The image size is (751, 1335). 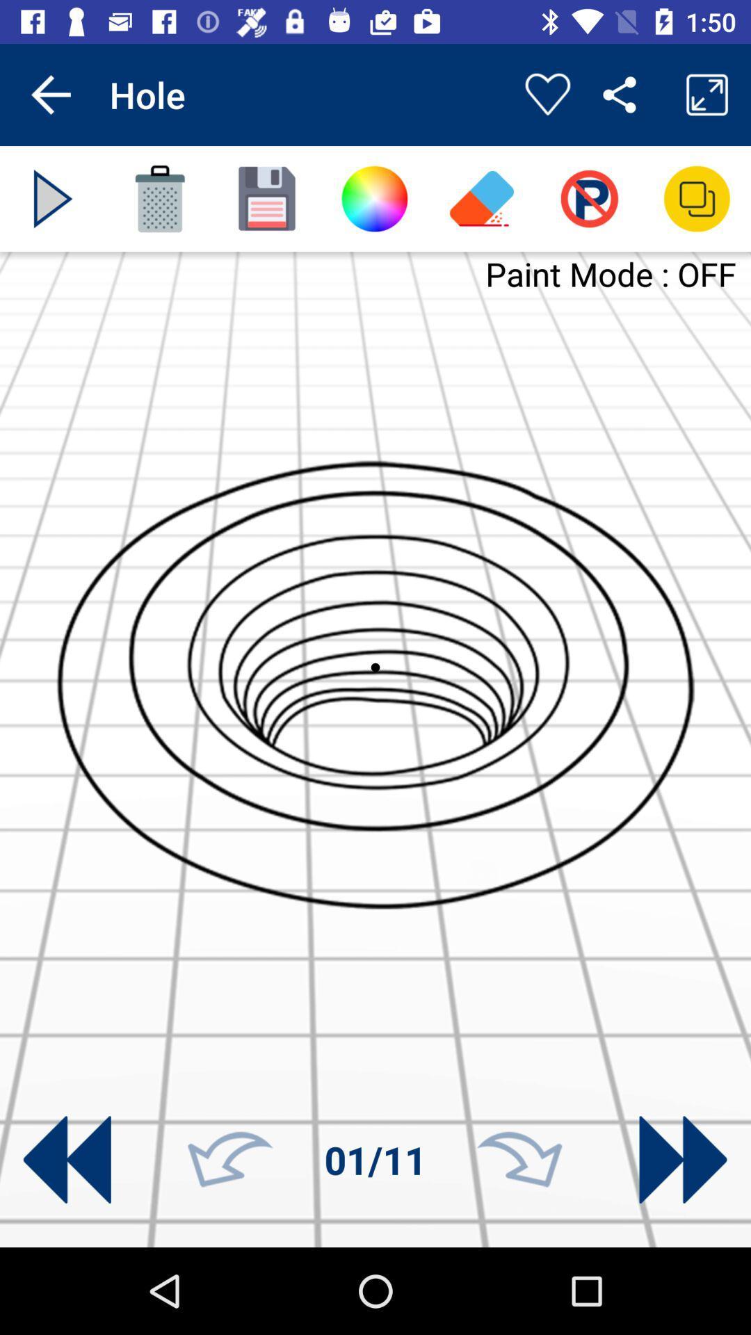 What do you see at coordinates (67, 1160) in the screenshot?
I see `rewind` at bounding box center [67, 1160].